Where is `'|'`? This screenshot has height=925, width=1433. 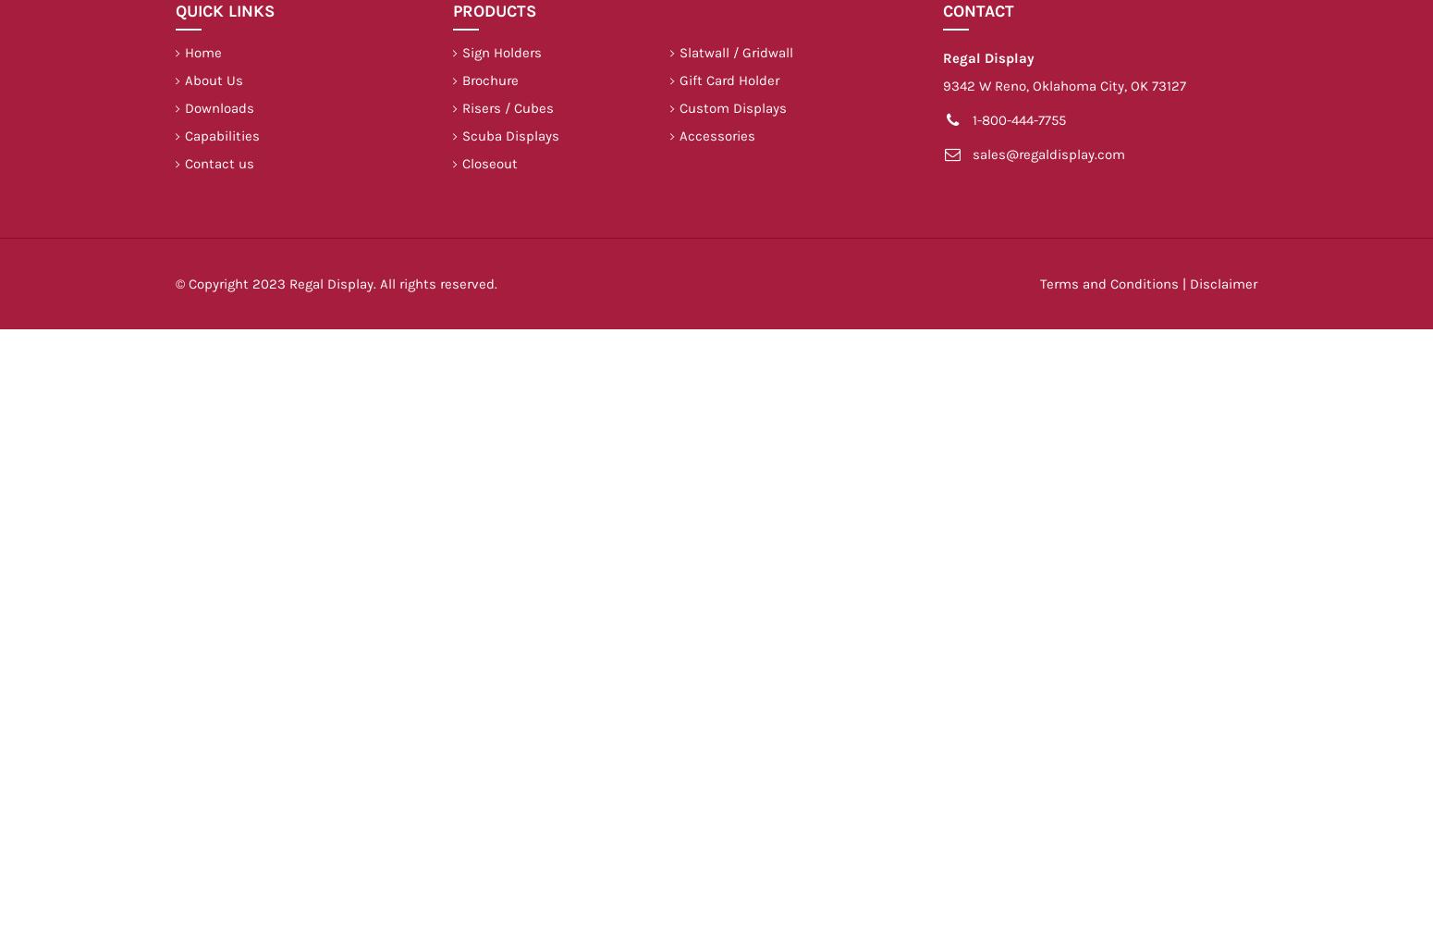 '|' is located at coordinates (1183, 284).